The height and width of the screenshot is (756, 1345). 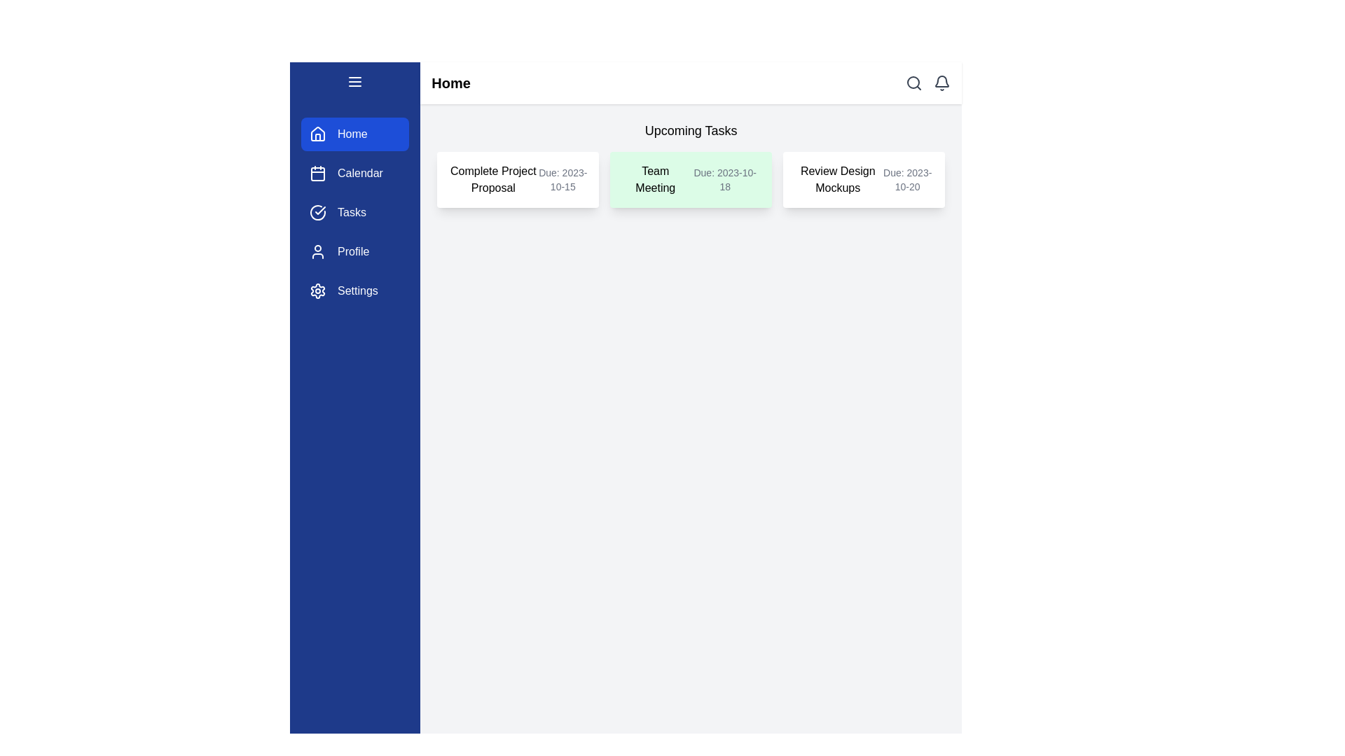 What do you see at coordinates (355, 213) in the screenshot?
I see `the 'Tasks' navigation menu item, which is the third entry in the vertical navigation list on the left sidebar, featuring a circular icon with a checkmark and white text on a blue background` at bounding box center [355, 213].